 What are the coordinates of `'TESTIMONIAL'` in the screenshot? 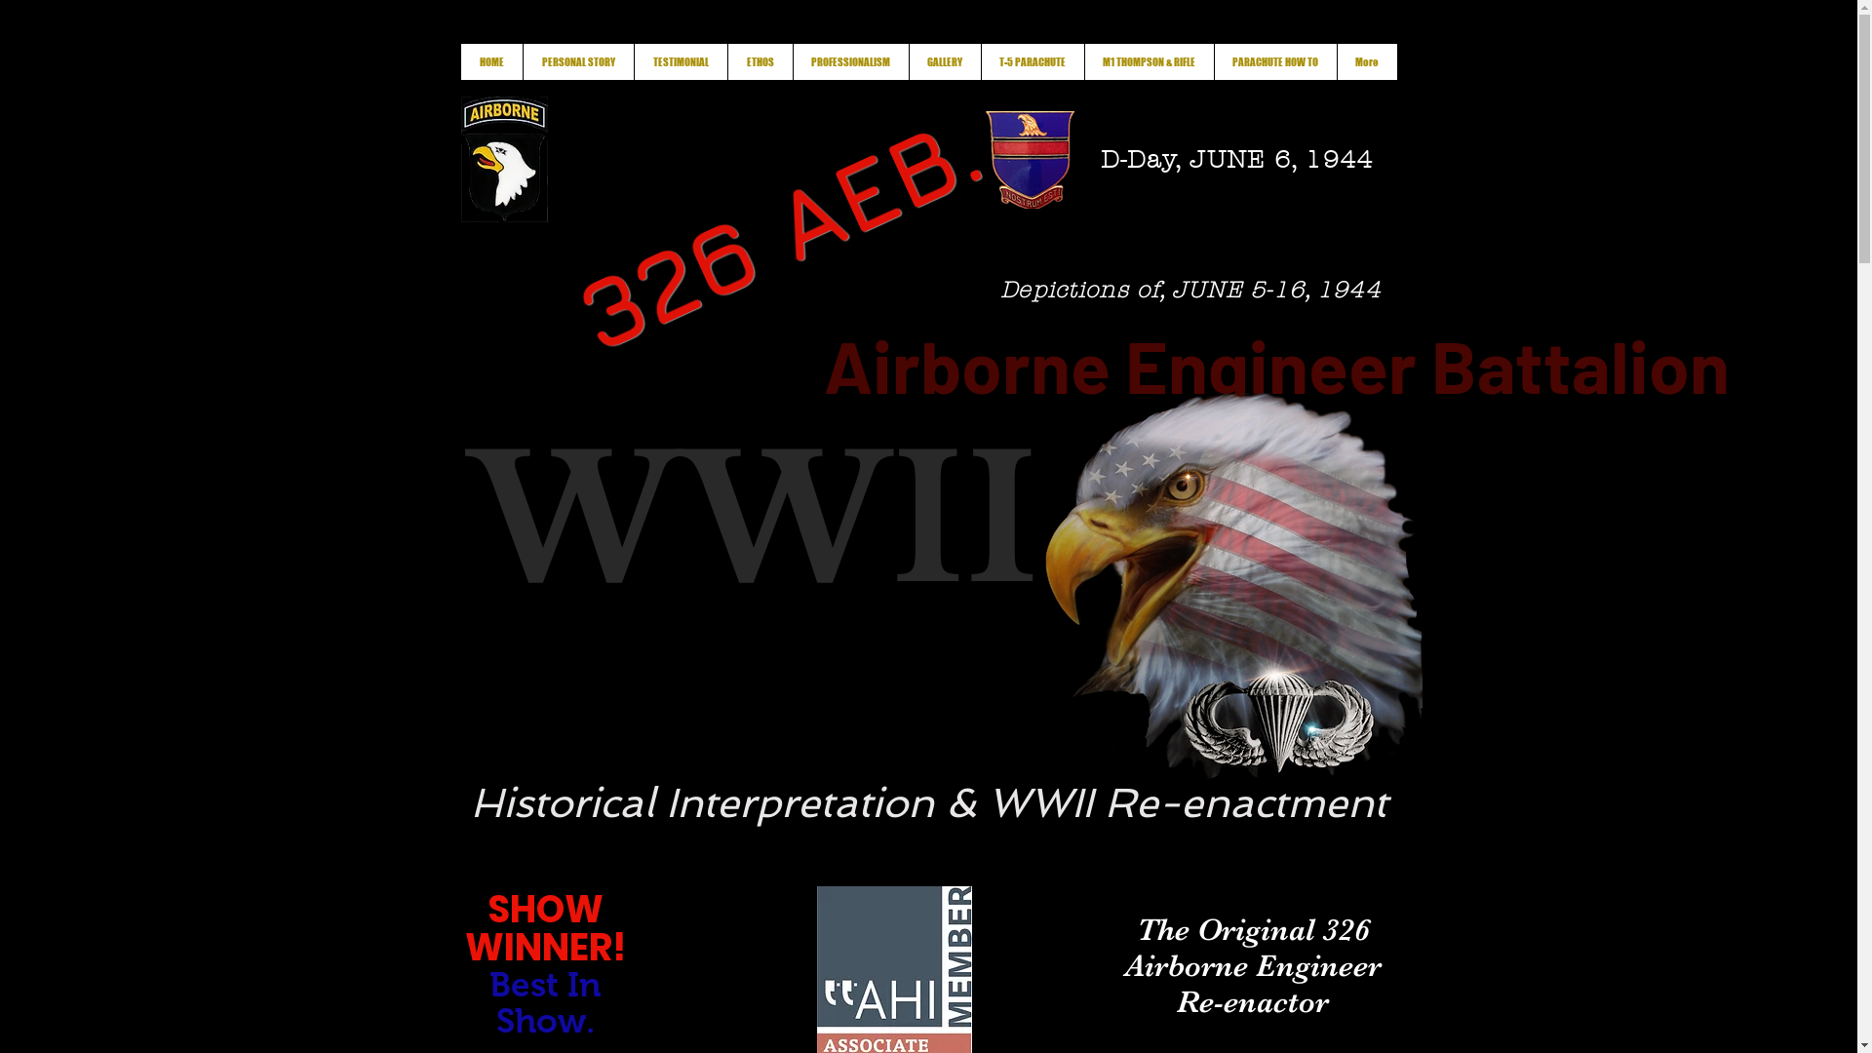 It's located at (680, 60).